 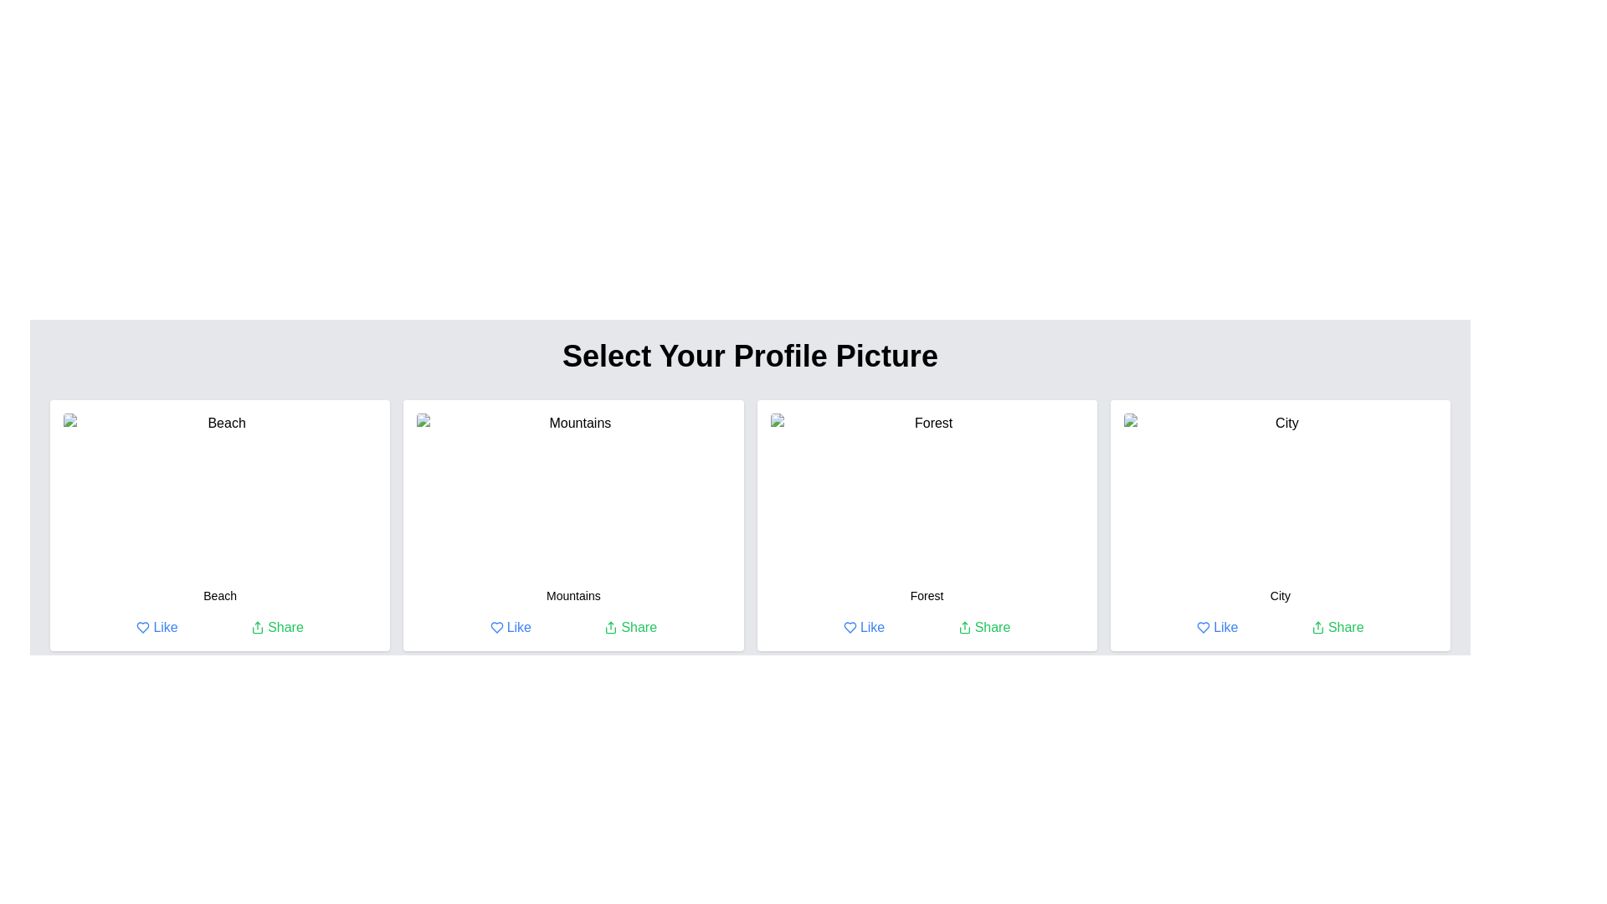 What do you see at coordinates (277, 627) in the screenshot?
I see `the share button located to the right of the 'Like' button for the item labeled 'Beach' to share the associated content` at bounding box center [277, 627].